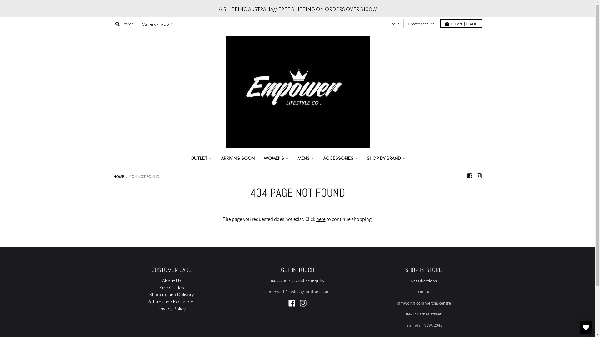 The width and height of the screenshot is (600, 337). What do you see at coordinates (297, 280) in the screenshot?
I see `'Online Inquiry'` at bounding box center [297, 280].